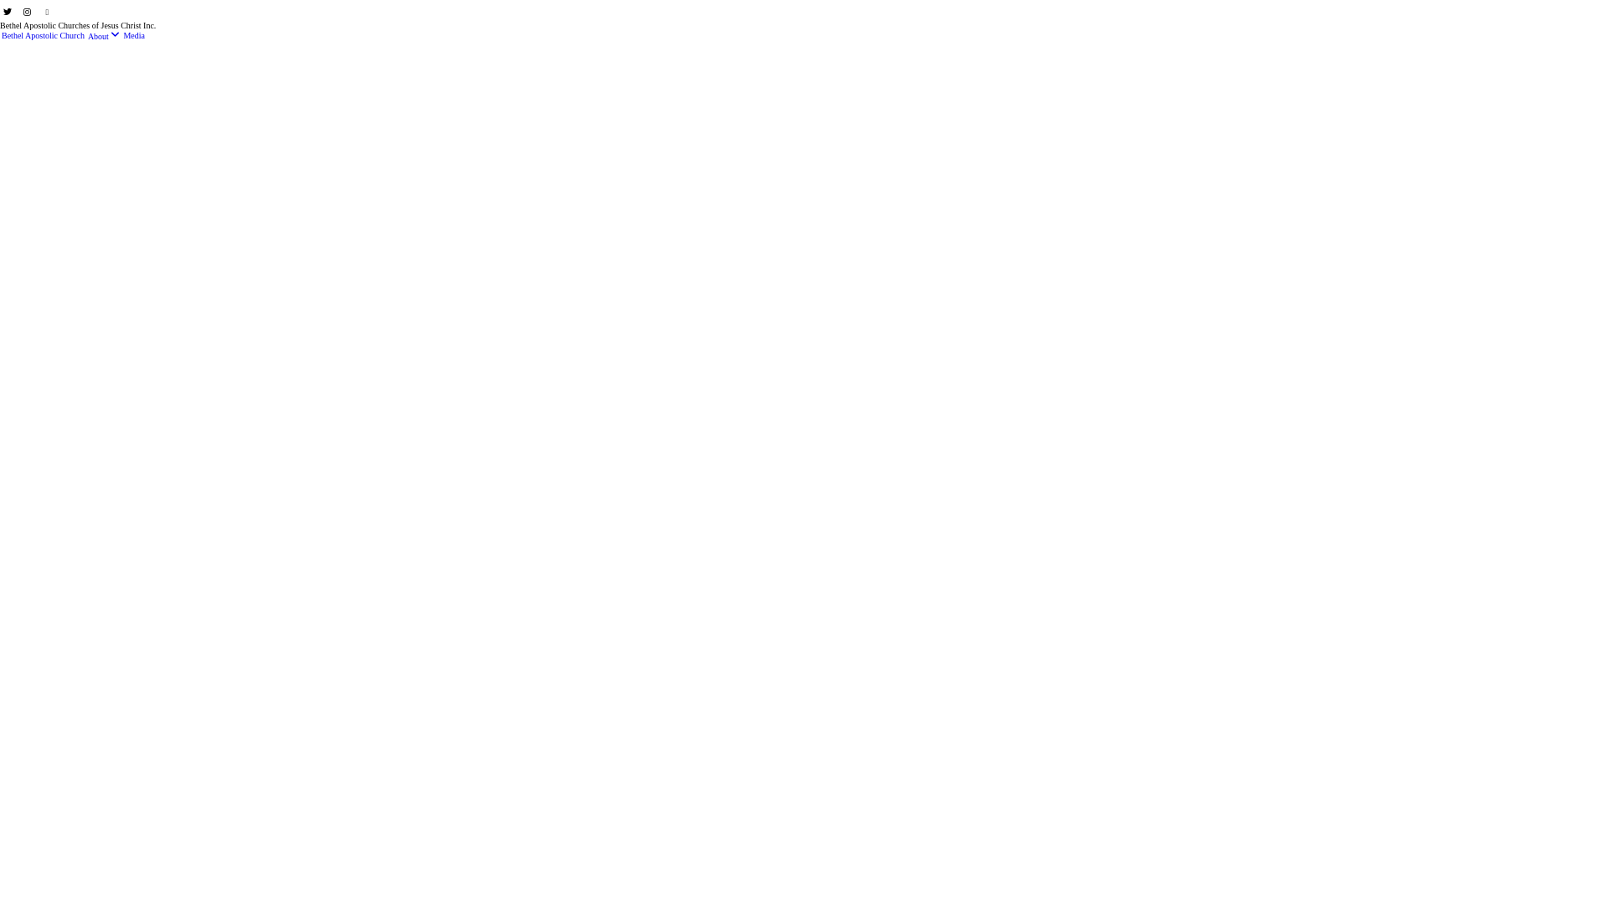 The width and height of the screenshot is (1608, 904). Describe the element at coordinates (103, 35) in the screenshot. I see `'About '` at that location.